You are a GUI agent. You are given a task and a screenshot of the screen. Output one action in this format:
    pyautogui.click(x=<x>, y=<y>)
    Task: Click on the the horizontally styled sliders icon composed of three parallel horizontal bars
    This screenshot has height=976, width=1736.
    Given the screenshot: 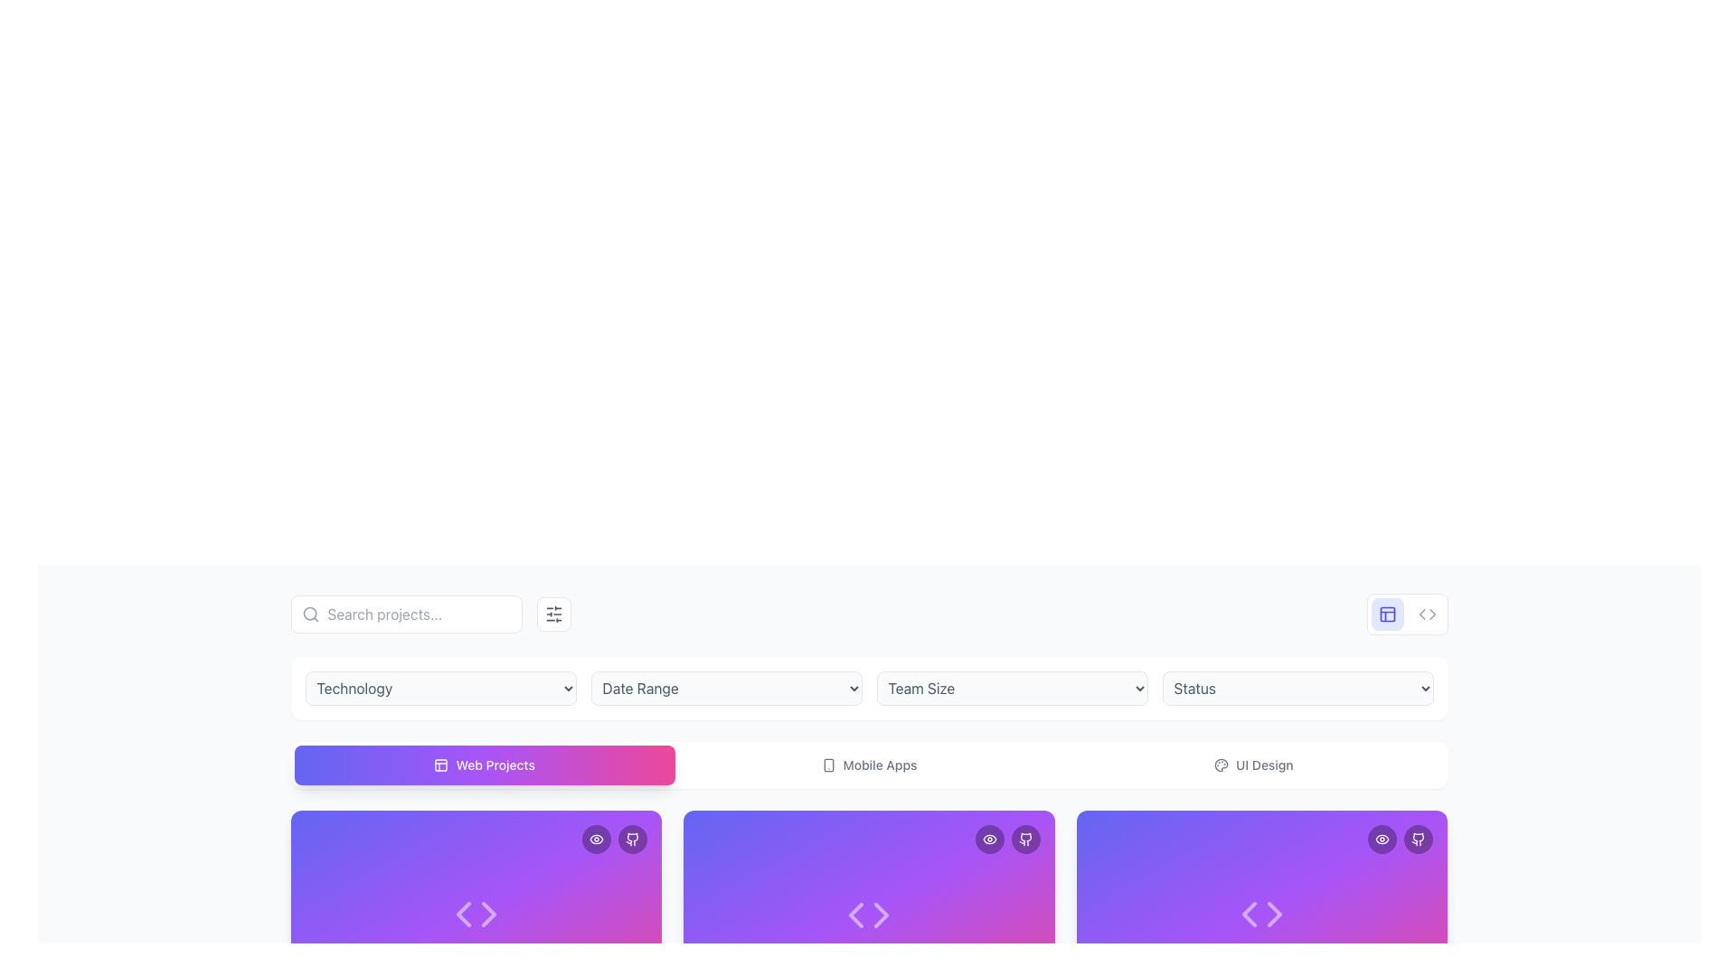 What is the action you would take?
    pyautogui.click(x=552, y=613)
    